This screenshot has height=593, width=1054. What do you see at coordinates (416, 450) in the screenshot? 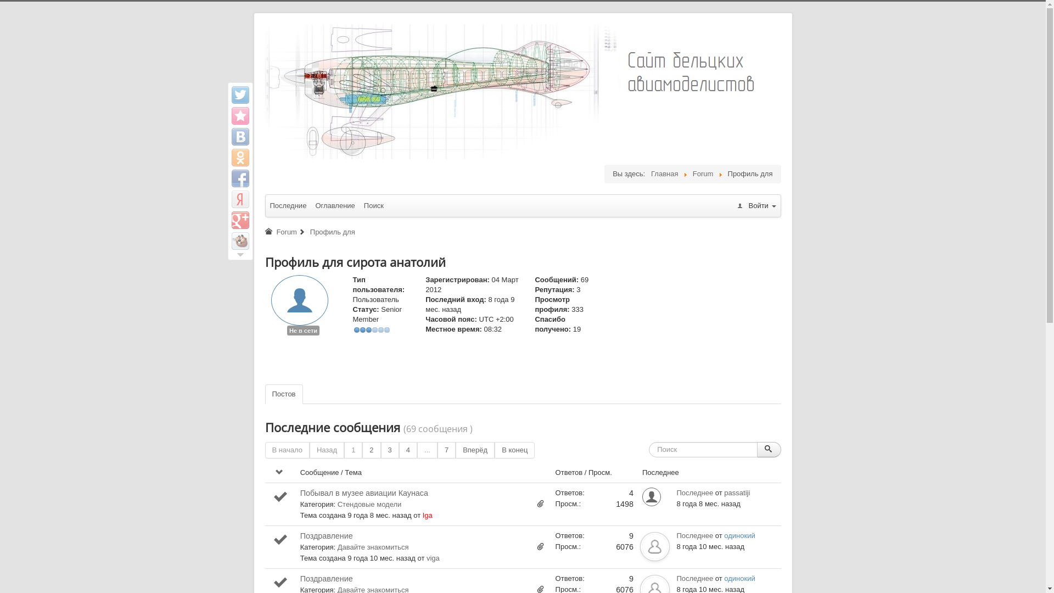
I see `'...'` at bounding box center [416, 450].